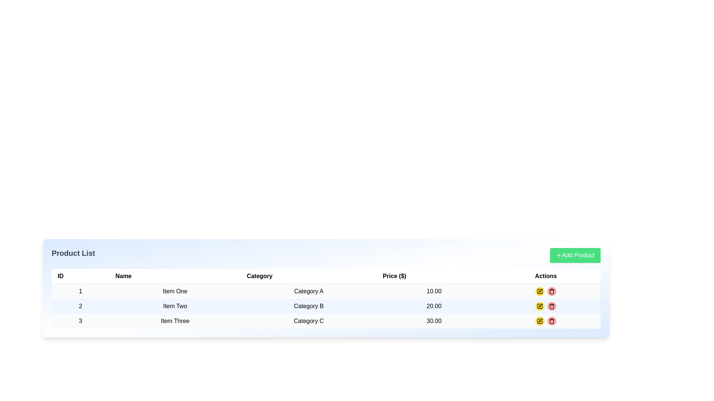 Image resolution: width=714 pixels, height=401 pixels. Describe the element at coordinates (552, 291) in the screenshot. I see `the delete icon button located in the 'Actions' column of the last row associated with 'Item Three'` at that location.